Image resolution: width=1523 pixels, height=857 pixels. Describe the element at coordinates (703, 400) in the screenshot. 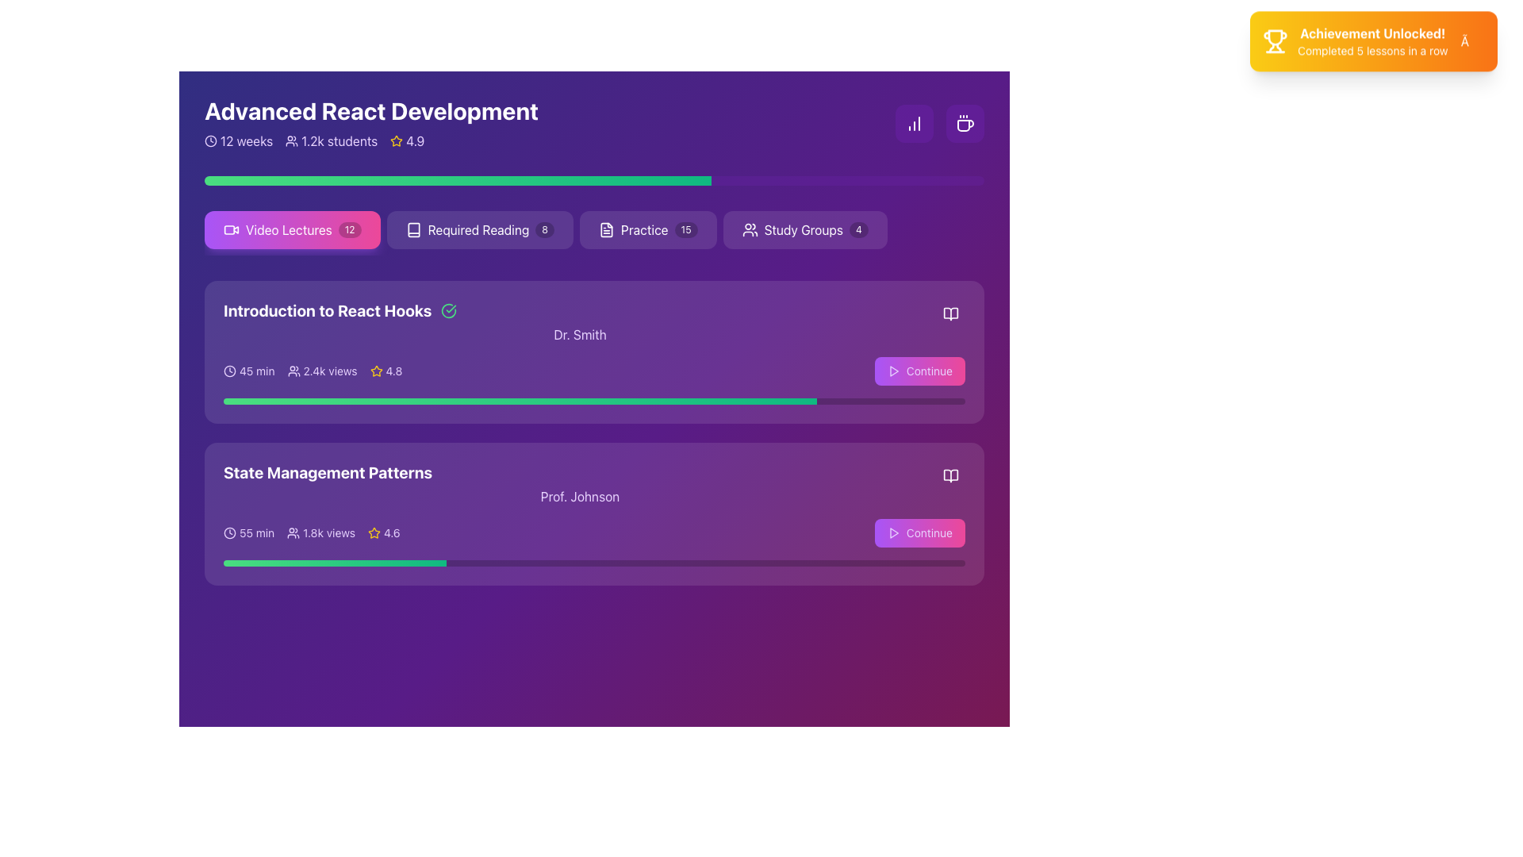

I see `slider value` at that location.